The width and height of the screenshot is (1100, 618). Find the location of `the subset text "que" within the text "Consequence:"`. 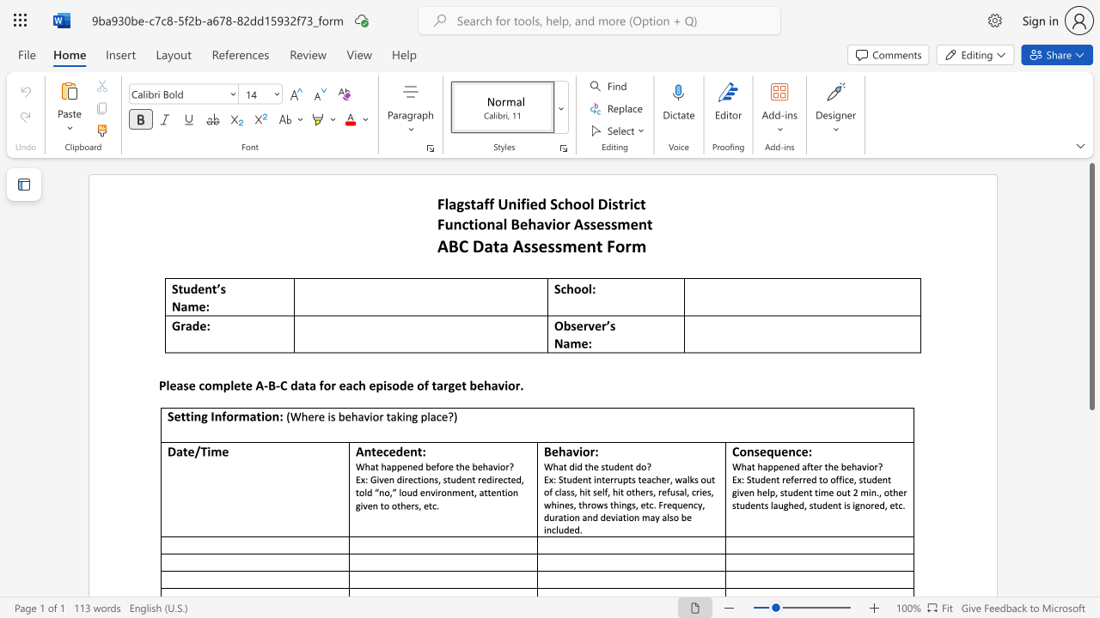

the subset text "que" within the text "Consequence:" is located at coordinates (766, 451).